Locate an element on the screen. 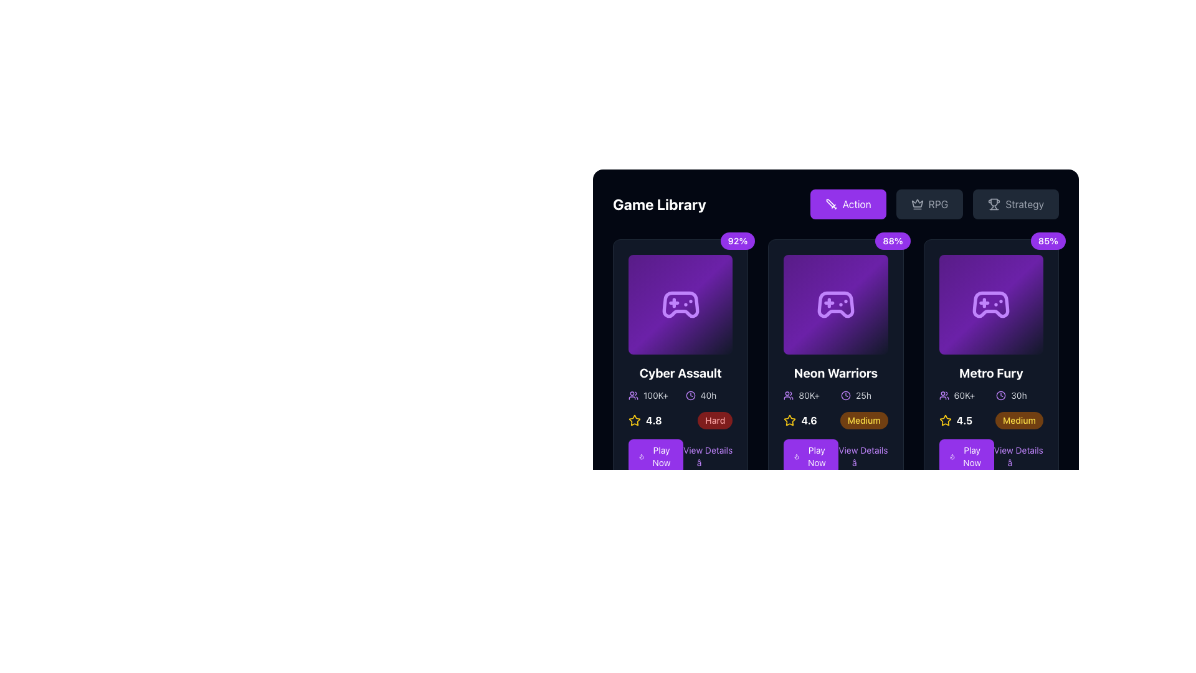  the rightmost button in a row of three buttons is located at coordinates (1016, 203).